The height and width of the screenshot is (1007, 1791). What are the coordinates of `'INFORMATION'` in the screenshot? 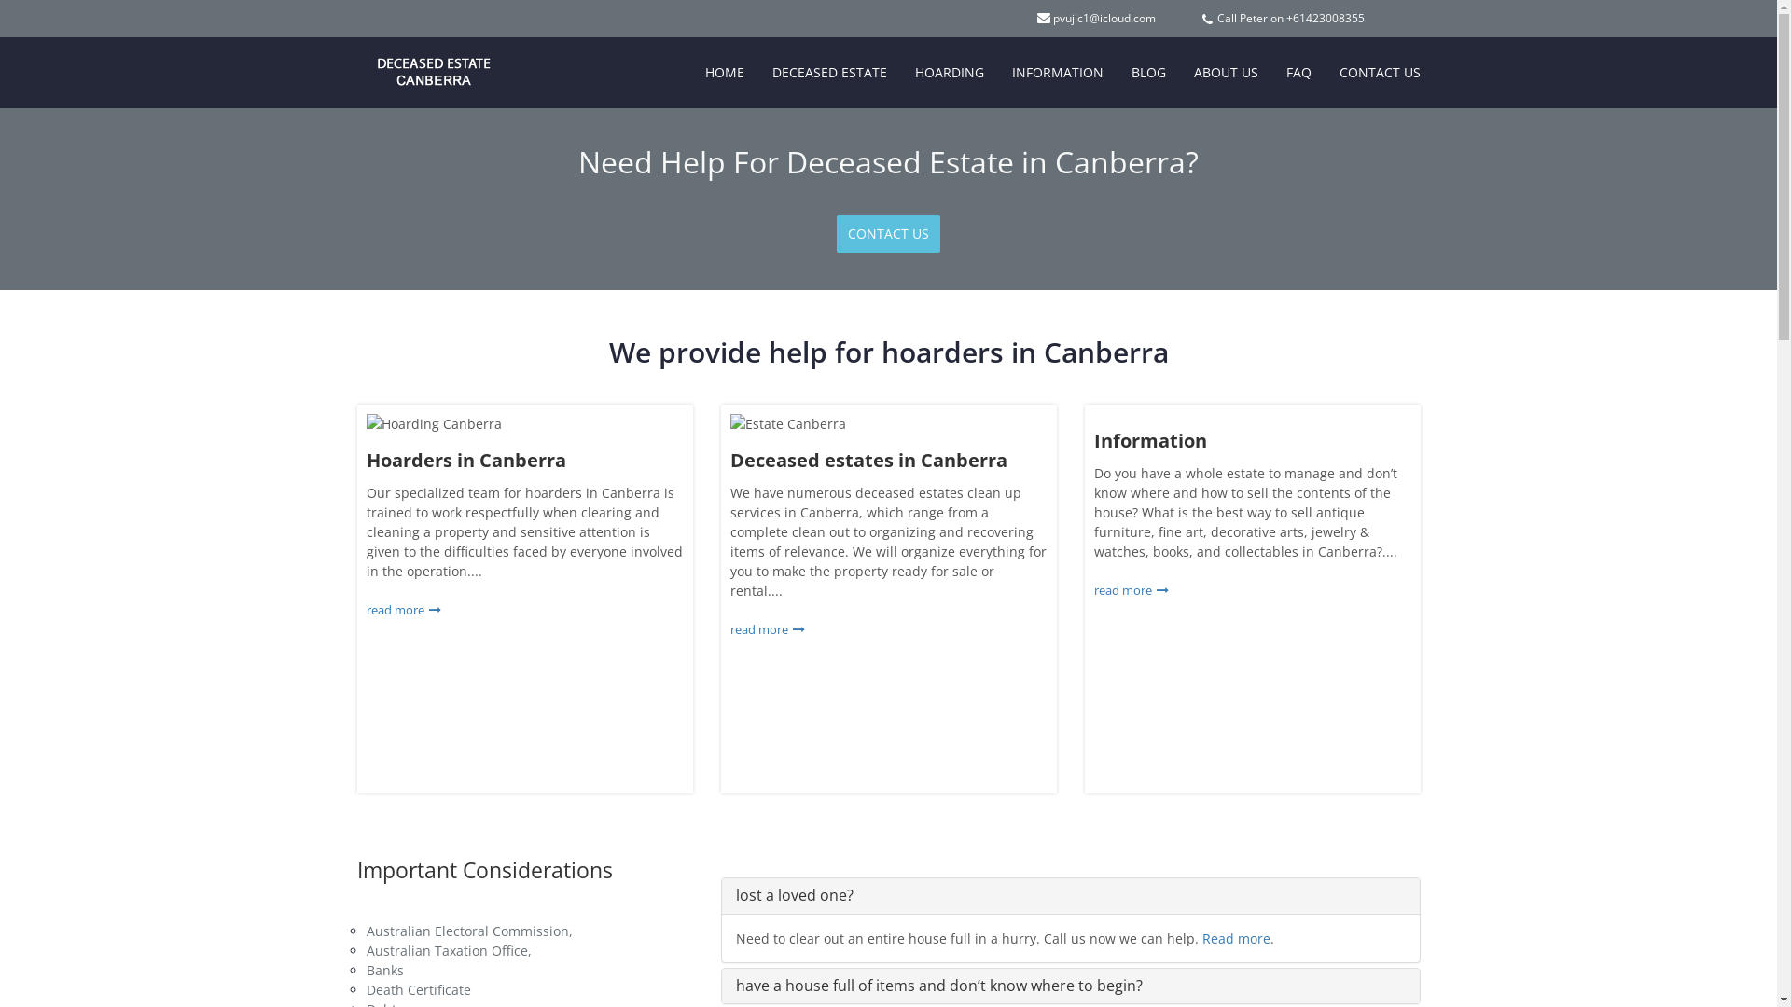 It's located at (1057, 71).